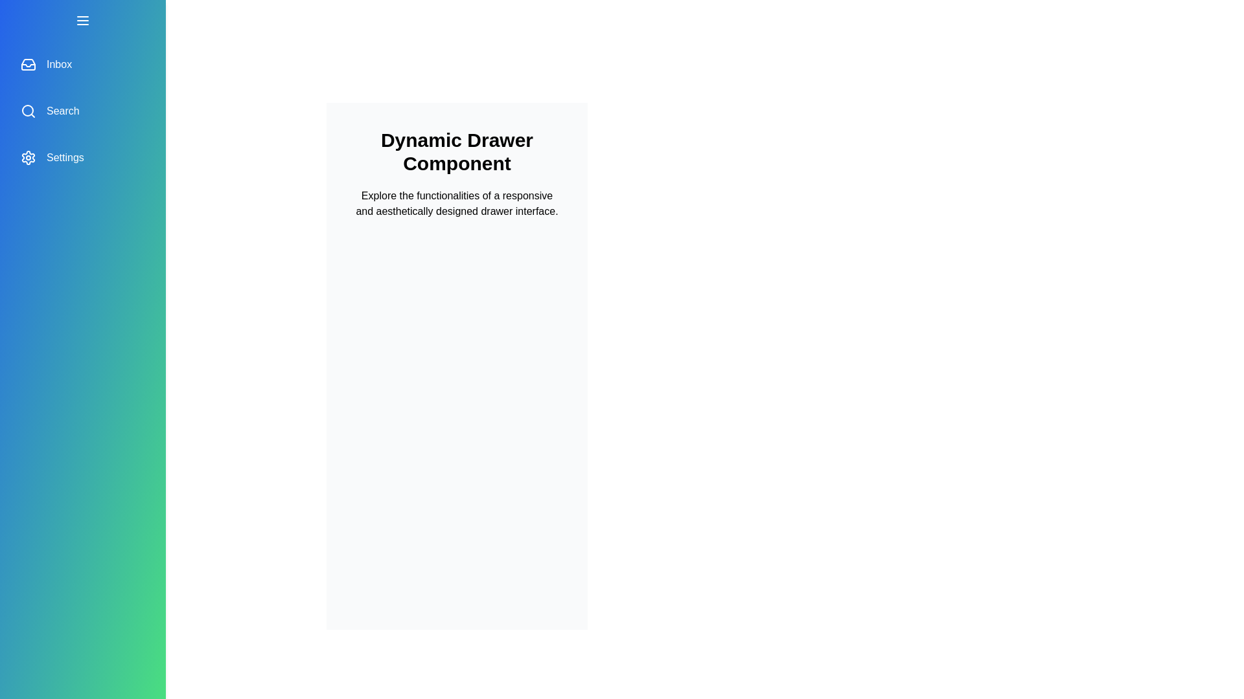 Image resolution: width=1244 pixels, height=699 pixels. What do you see at coordinates (82, 20) in the screenshot?
I see `the toggle button to toggle the drawer open or closed` at bounding box center [82, 20].